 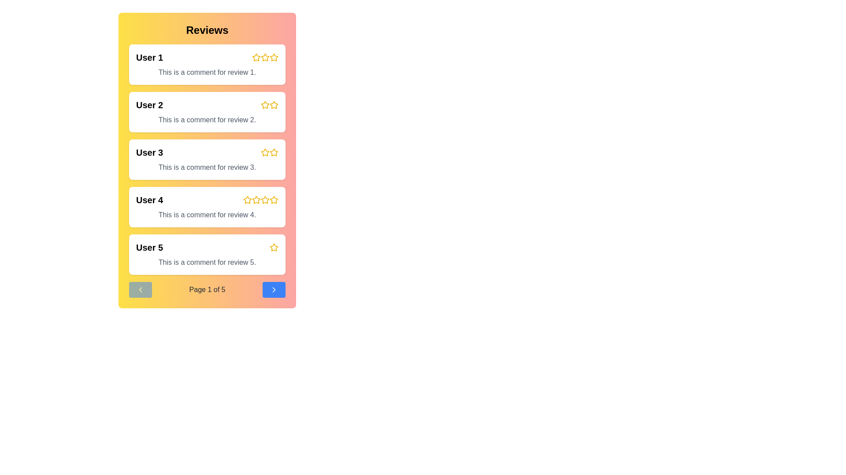 What do you see at coordinates (273, 290) in the screenshot?
I see `the right-facing chevron icon located within the rounded rectangular blue button at the bottom right corner of the layout` at bounding box center [273, 290].